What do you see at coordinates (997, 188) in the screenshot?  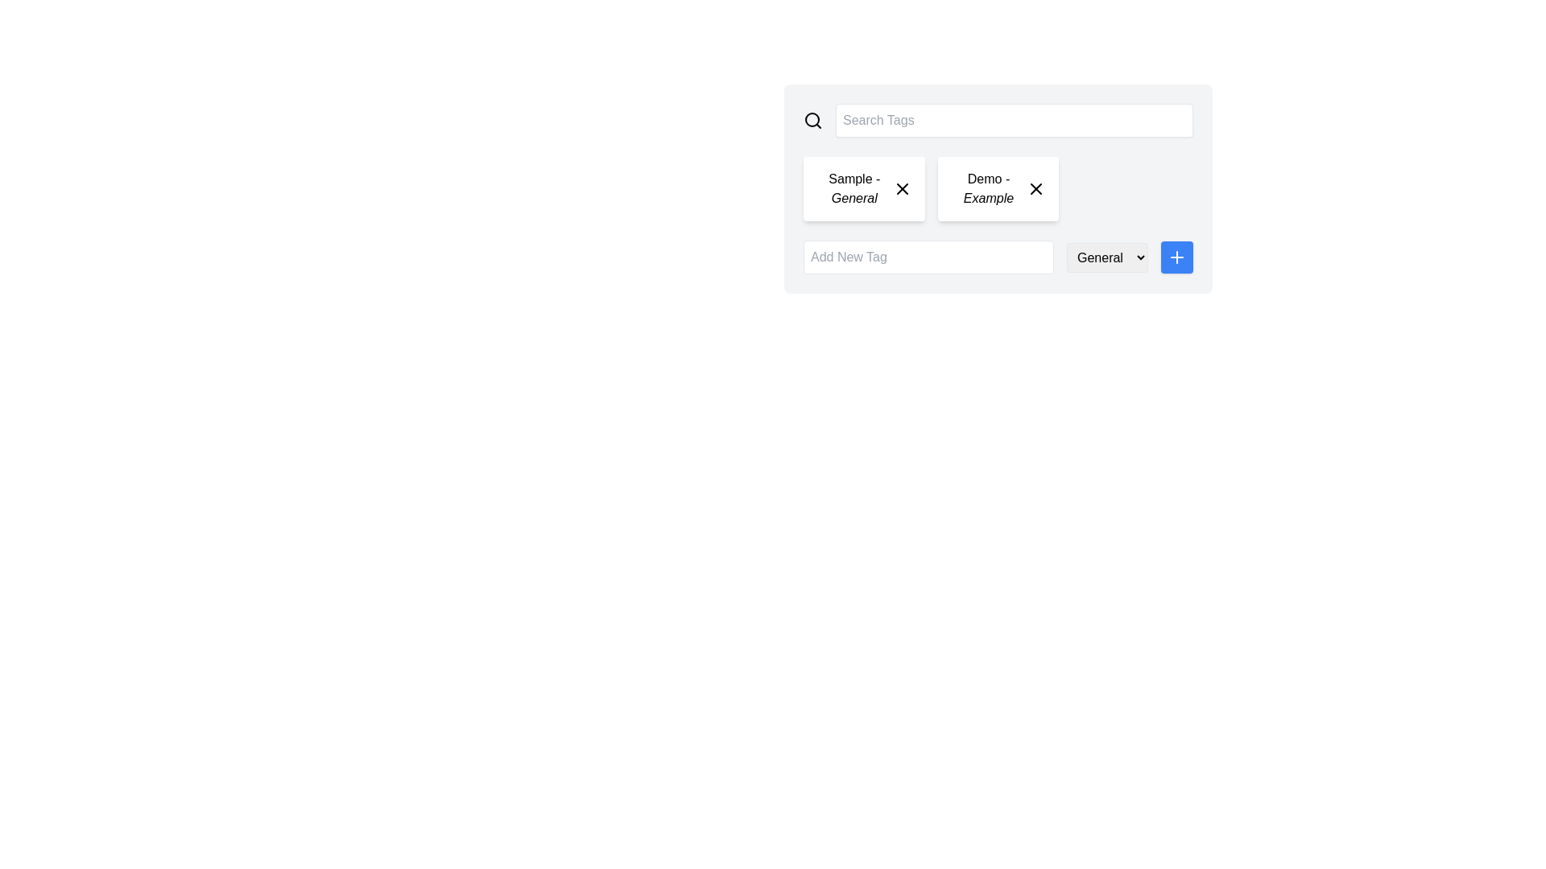 I see `the tag element, which has a close button, located to the right of 'Sample - General' and above the 'Add New Tag' input field` at bounding box center [997, 188].